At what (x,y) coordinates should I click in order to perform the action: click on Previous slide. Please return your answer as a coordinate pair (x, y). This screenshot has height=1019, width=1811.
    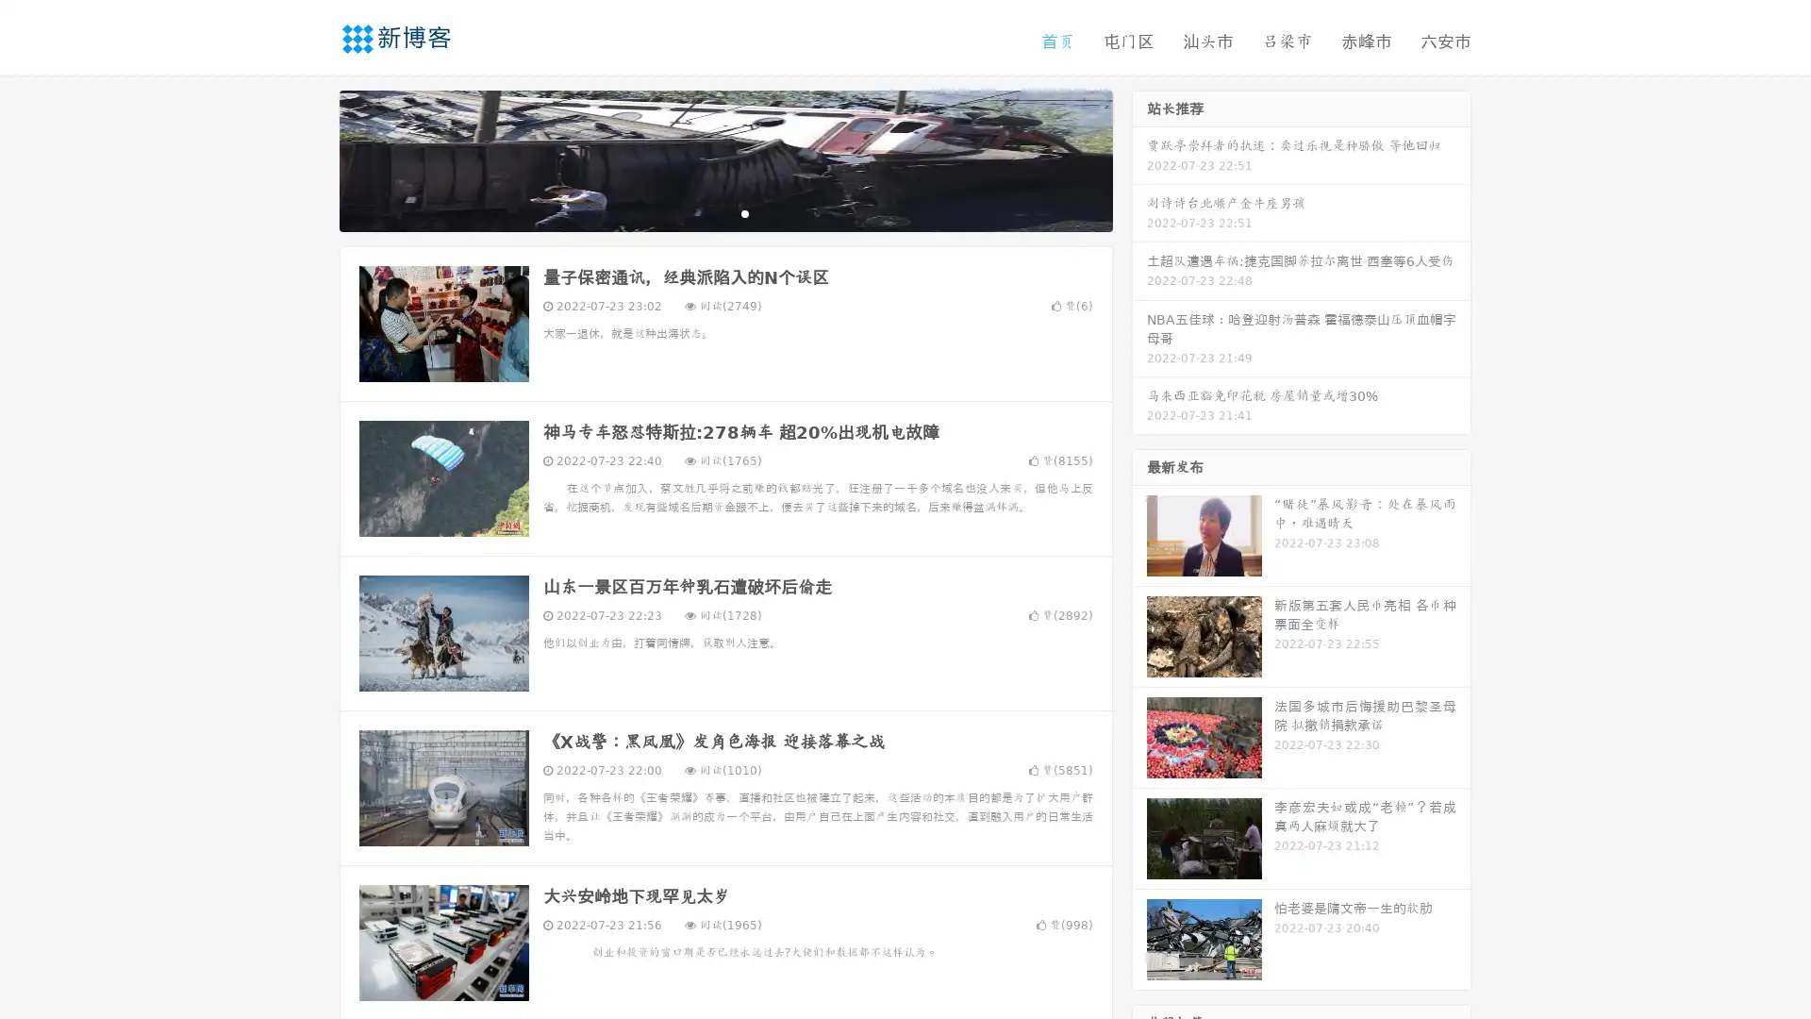
    Looking at the image, I should click on (311, 159).